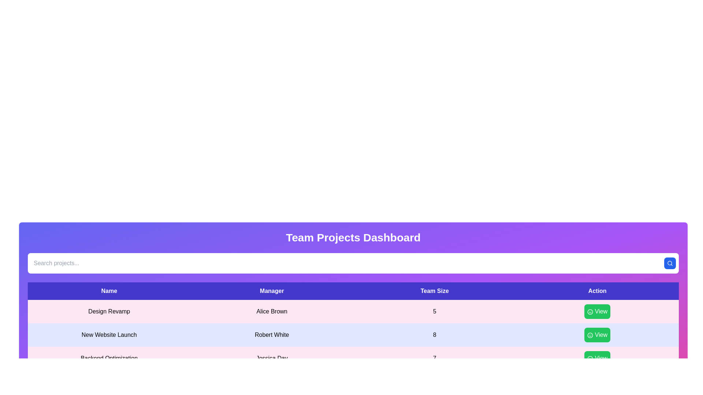 The height and width of the screenshot is (395, 703). What do you see at coordinates (353, 238) in the screenshot?
I see `the centered header text labeled 'Team Projects Dashboard', which is displayed in a bold, large white font against a gradient background transitioning from indigo to pink` at bounding box center [353, 238].